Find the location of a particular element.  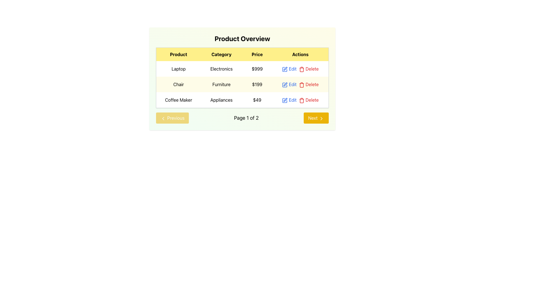

the blue pen icon located in the Actions column next to the first row's product, 'Laptop' is located at coordinates (285, 69).